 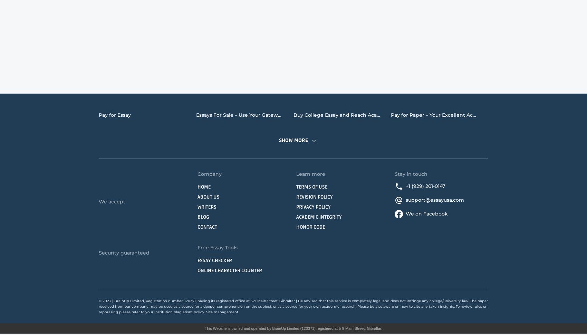 What do you see at coordinates (293, 204) in the screenshot?
I see `'Narrative Essay Writing Service'` at bounding box center [293, 204].